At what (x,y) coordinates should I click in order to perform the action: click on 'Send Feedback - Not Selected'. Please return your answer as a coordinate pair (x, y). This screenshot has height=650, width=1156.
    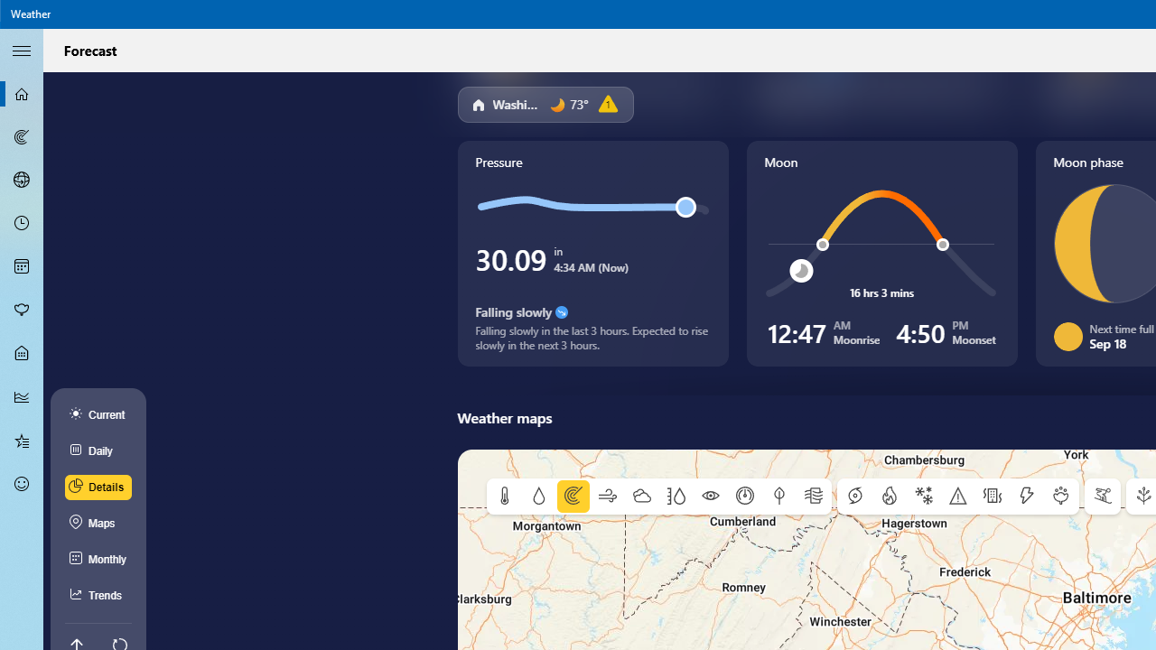
    Looking at the image, I should click on (22, 483).